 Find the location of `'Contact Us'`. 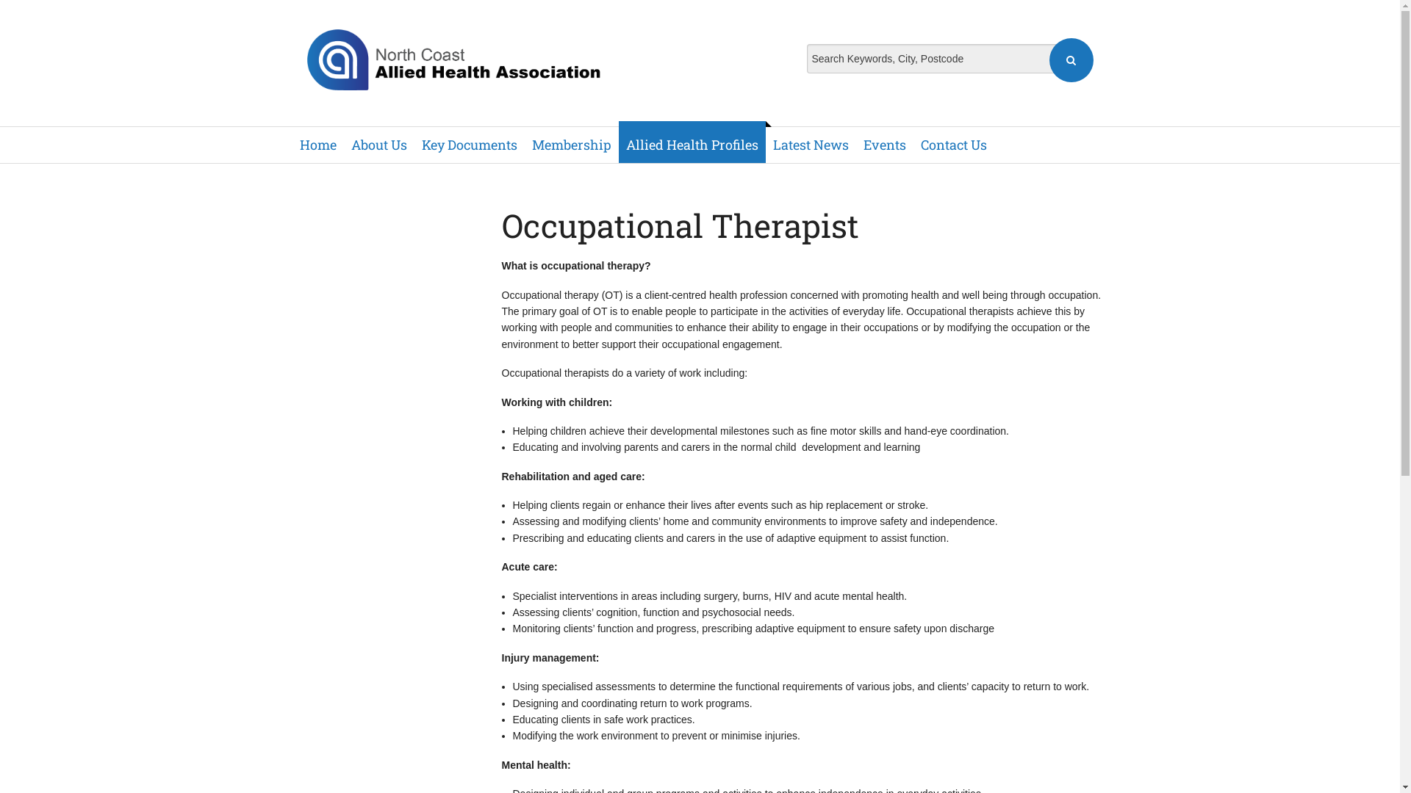

'Contact Us' is located at coordinates (912, 145).